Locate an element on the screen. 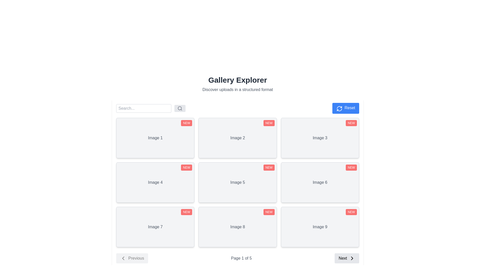 Image resolution: width=486 pixels, height=273 pixels. the small rectangular badge with a red background and white text that displays 'NEW', located at the top-right corner of the card labeled 'Image 8' is located at coordinates (269, 212).